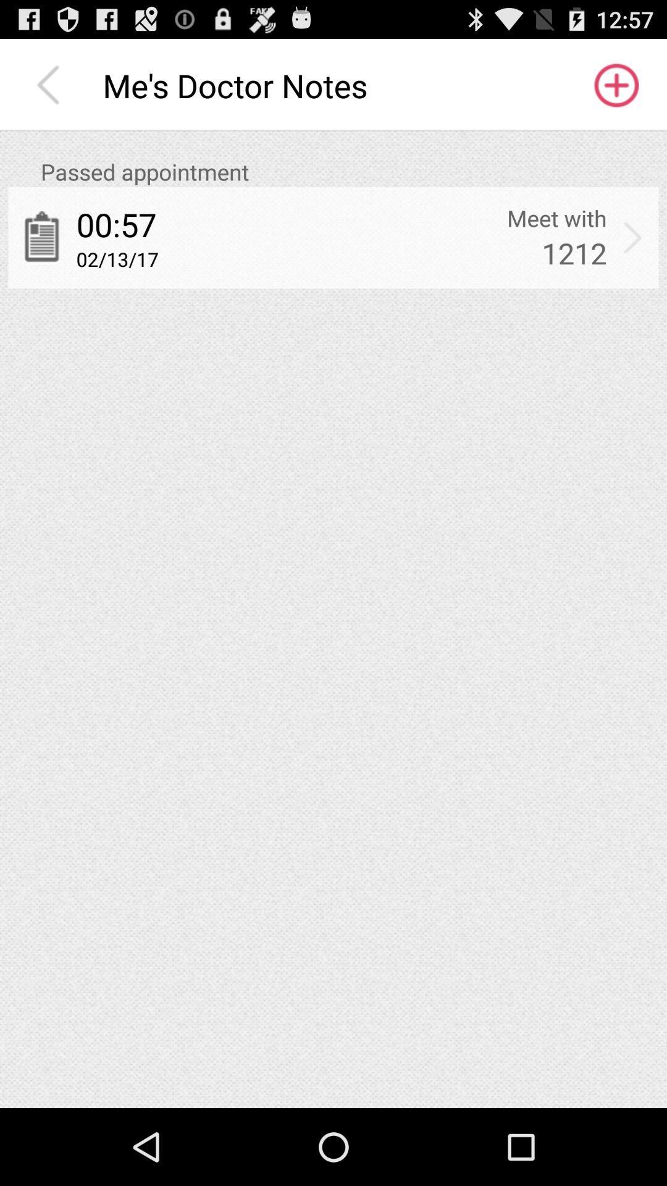 Image resolution: width=667 pixels, height=1186 pixels. I want to click on icon to the right of 00:57 item, so click(556, 218).